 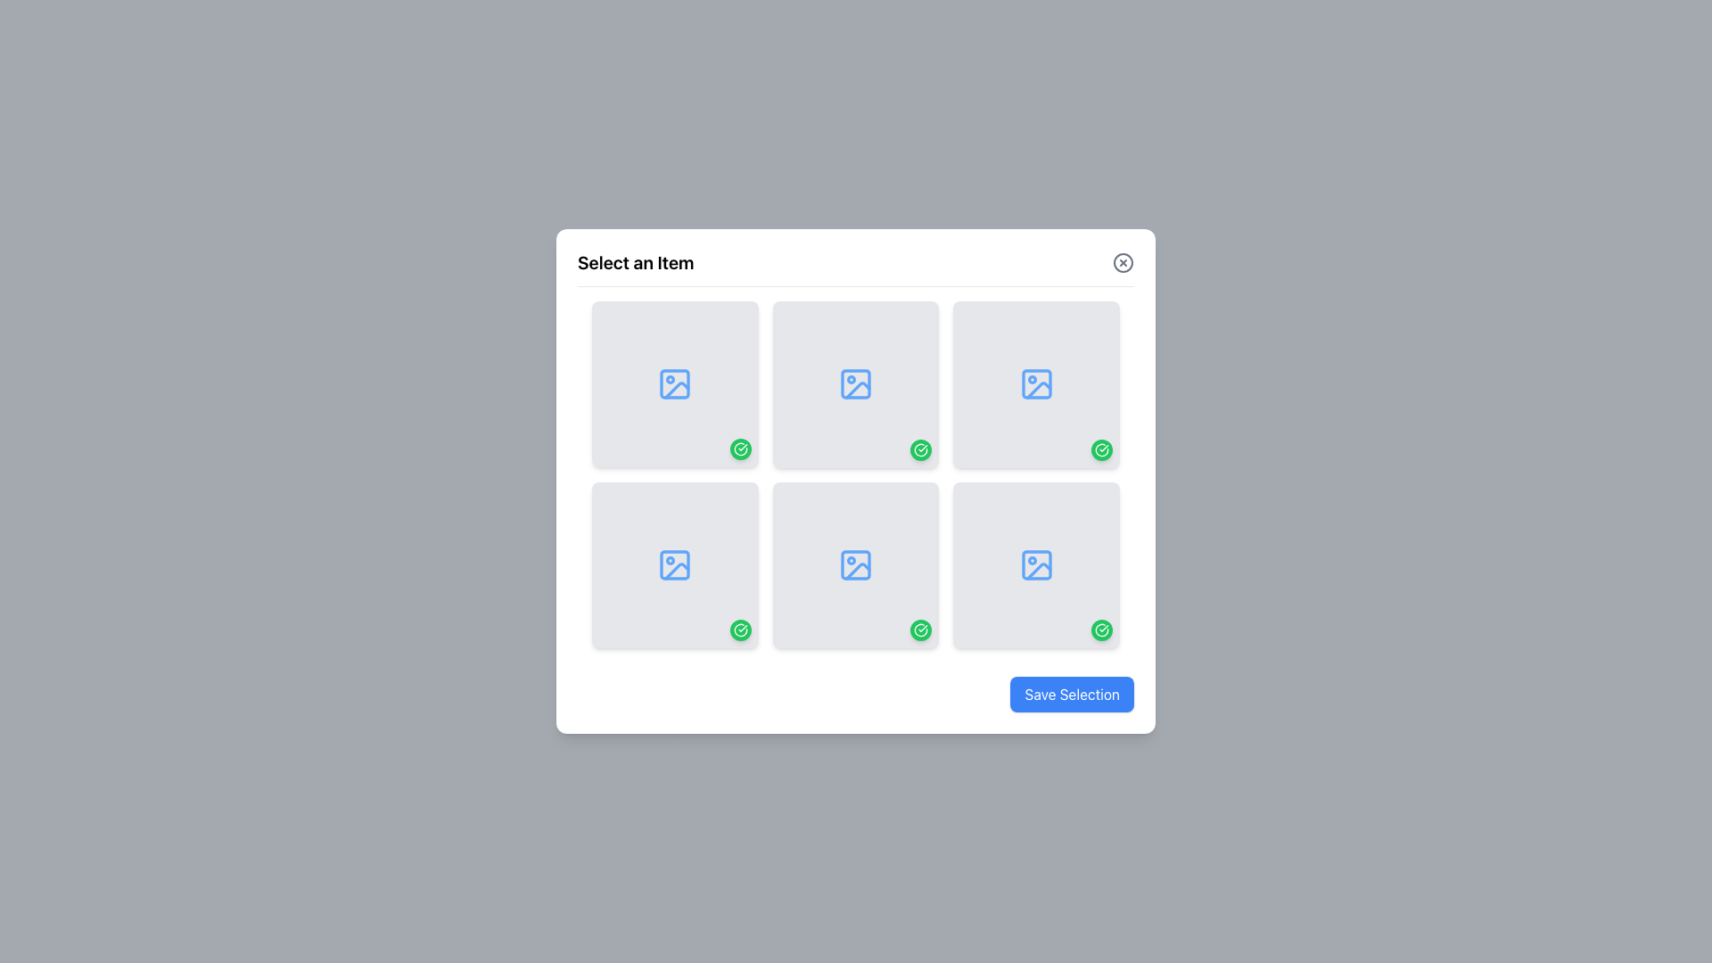 What do you see at coordinates (1036, 564) in the screenshot?
I see `the selectable grid item located in the bottom-right position of a 3x2 grid layout` at bounding box center [1036, 564].